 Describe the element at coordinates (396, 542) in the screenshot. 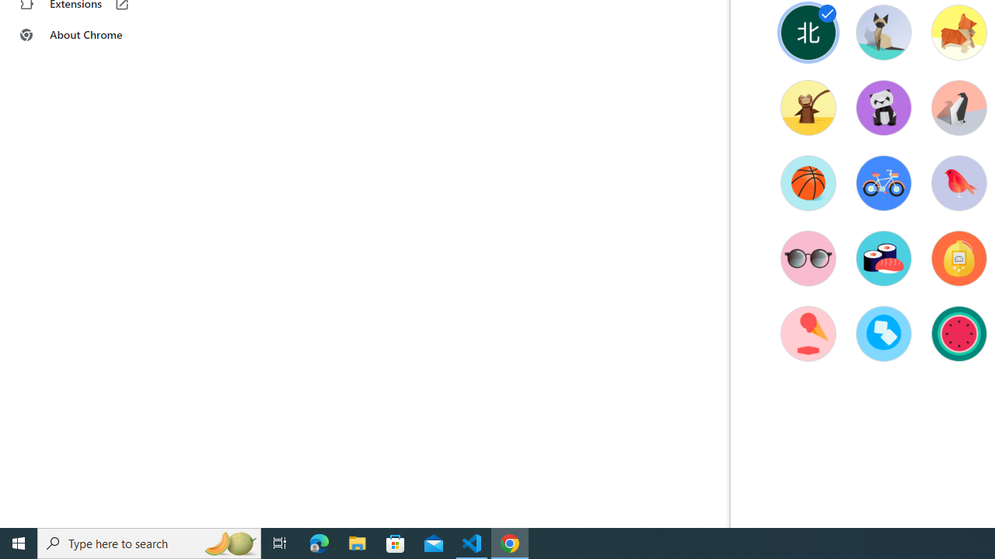

I see `'Microsoft Store'` at that location.